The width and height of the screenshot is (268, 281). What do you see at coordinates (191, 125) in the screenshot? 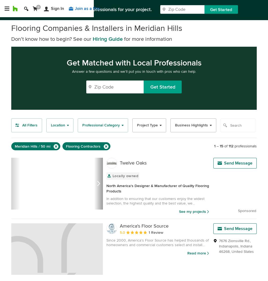
I see `'Business Highlights'` at bounding box center [191, 125].